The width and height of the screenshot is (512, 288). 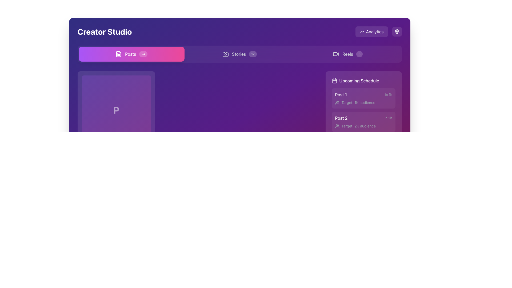 What do you see at coordinates (337, 103) in the screenshot?
I see `the user group icon located to the left of the text 'Target: 1K audience' in the 'Post 1' section of the 'Upcoming Schedule' list` at bounding box center [337, 103].